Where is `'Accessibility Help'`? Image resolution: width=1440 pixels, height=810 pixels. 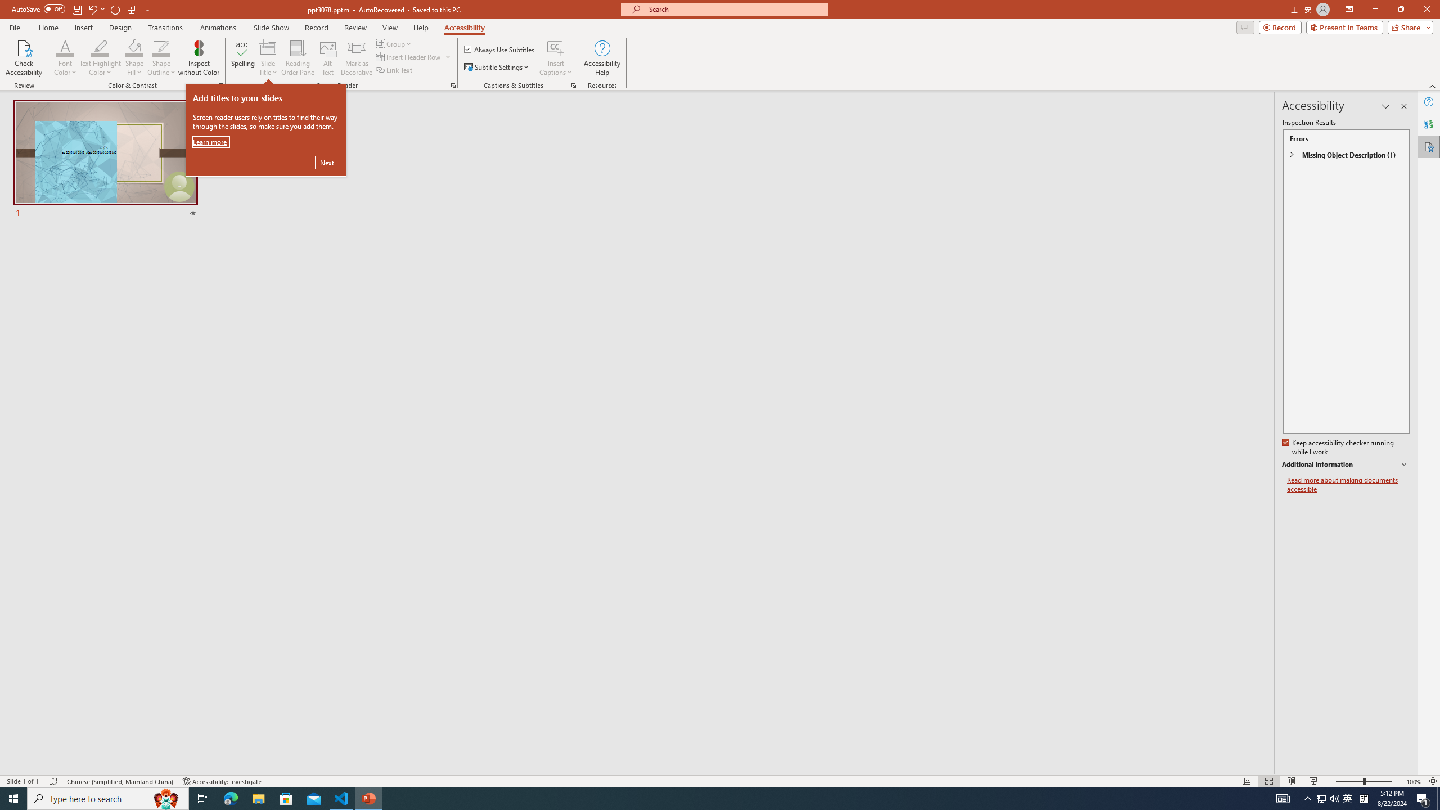 'Accessibility Help' is located at coordinates (602, 58).